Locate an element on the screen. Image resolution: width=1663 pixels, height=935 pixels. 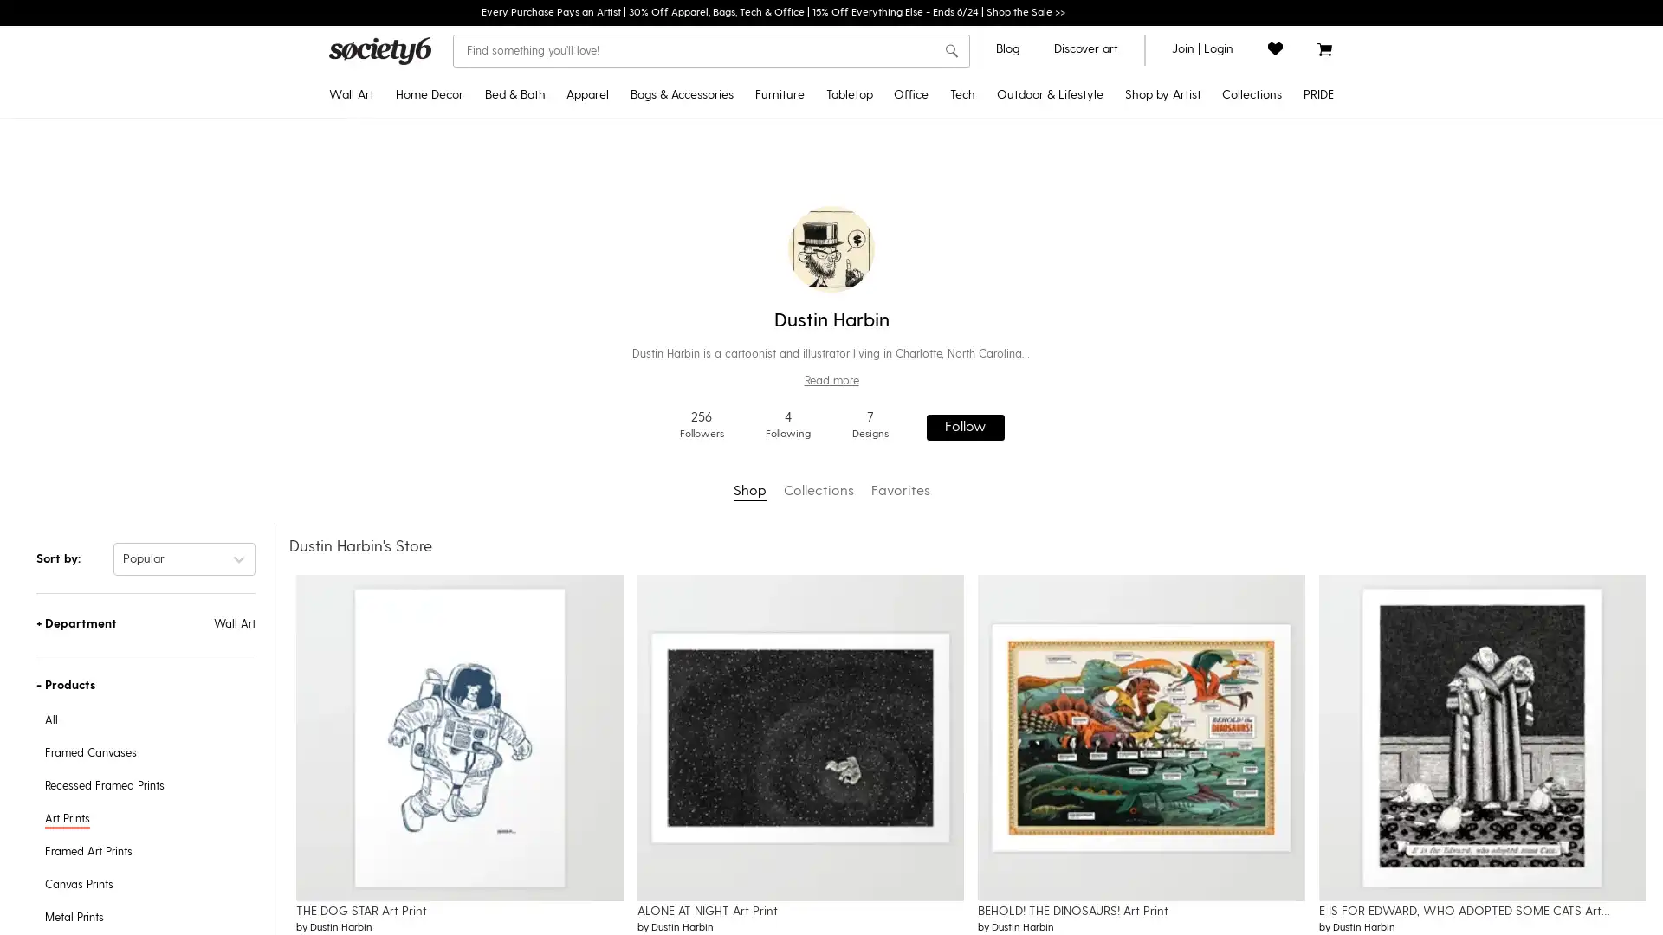
Laptop Skins is located at coordinates (1024, 417).